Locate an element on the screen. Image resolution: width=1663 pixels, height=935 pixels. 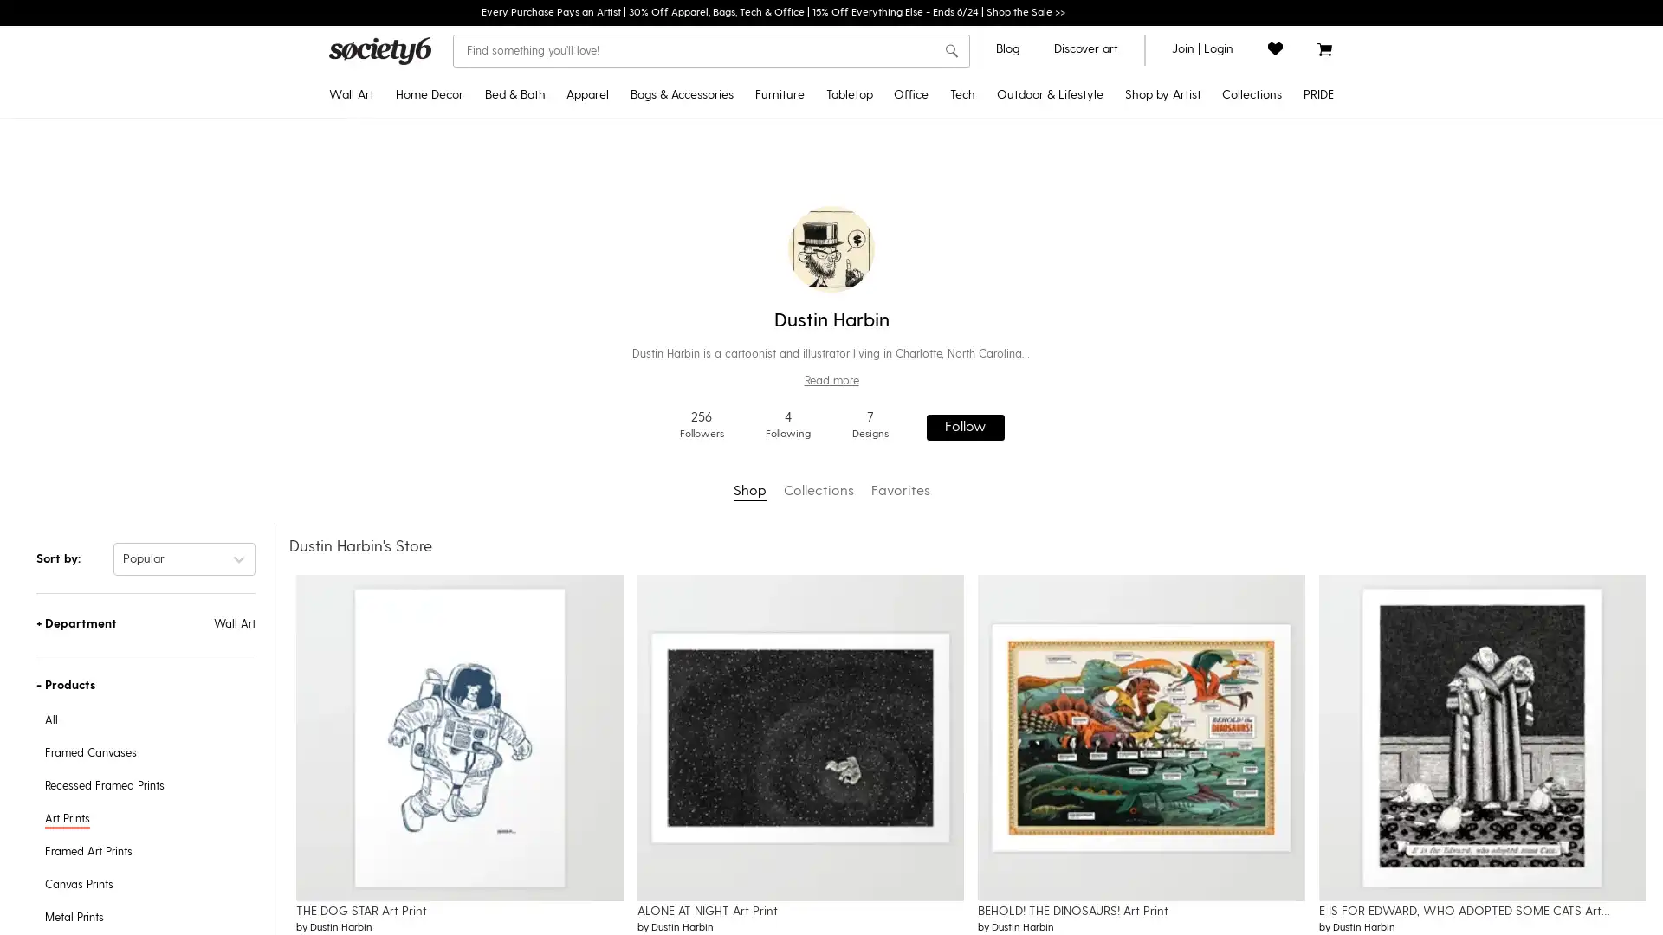
Laptop Skins is located at coordinates (1024, 417).